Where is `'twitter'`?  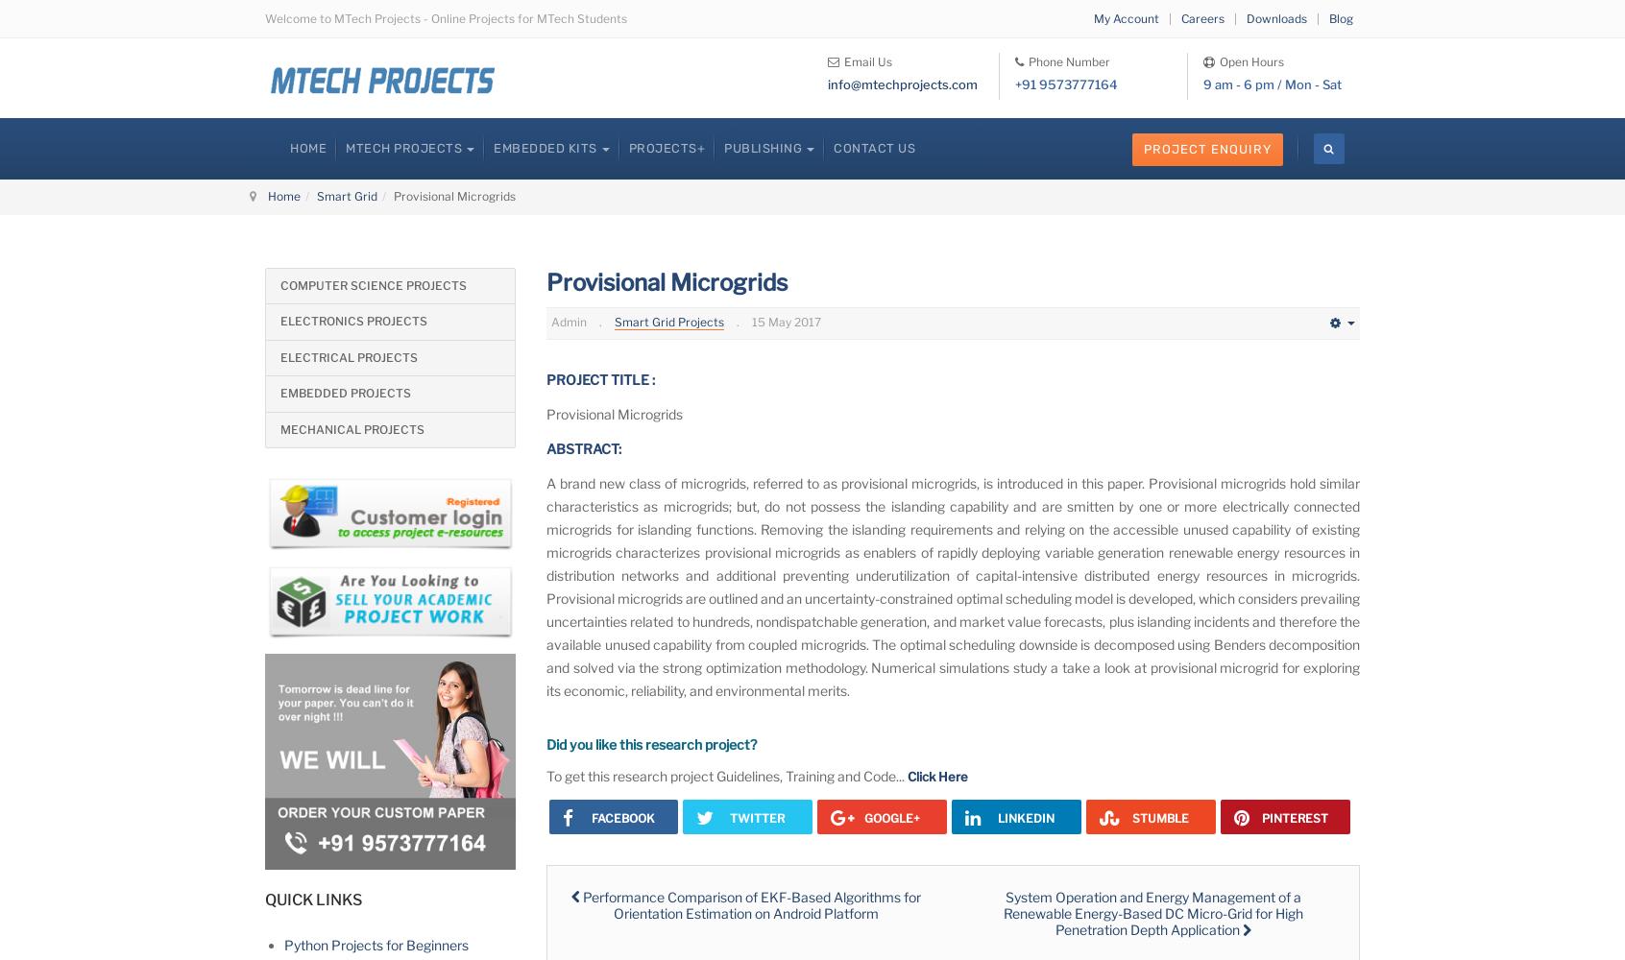 'twitter' is located at coordinates (757, 816).